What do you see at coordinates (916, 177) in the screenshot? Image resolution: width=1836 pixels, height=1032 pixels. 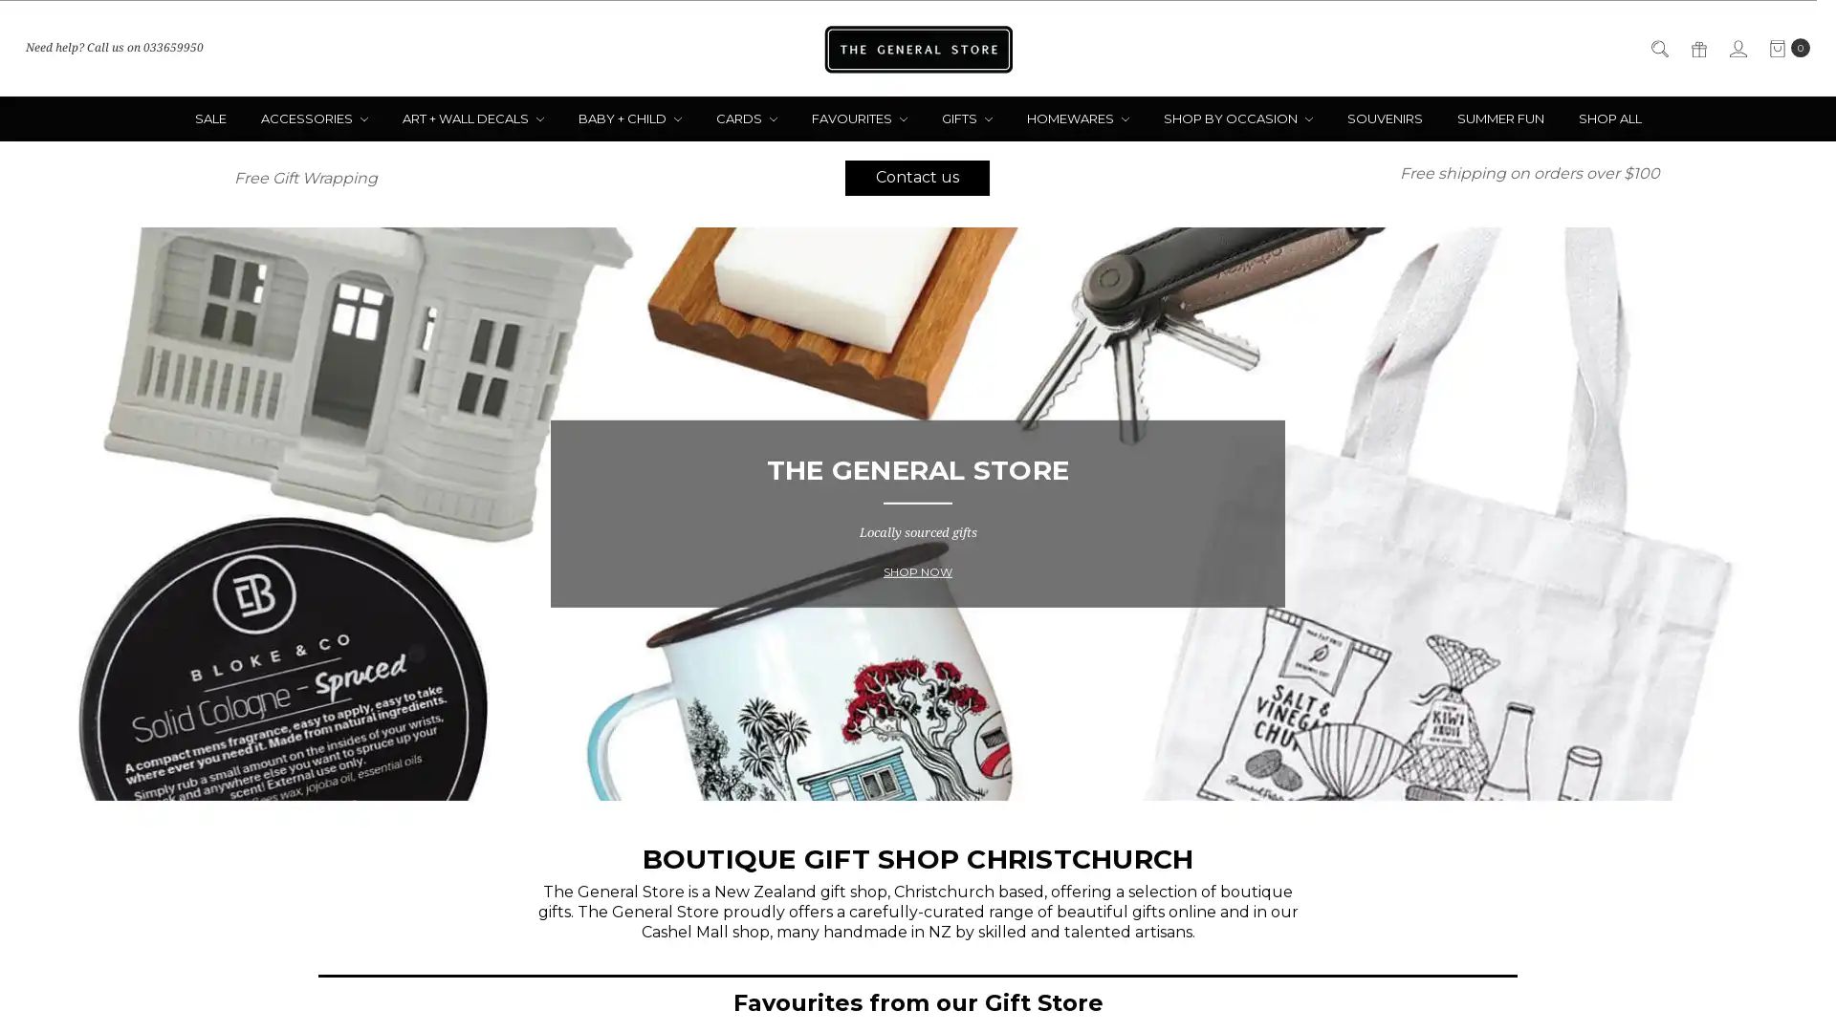 I see `Contact us` at bounding box center [916, 177].